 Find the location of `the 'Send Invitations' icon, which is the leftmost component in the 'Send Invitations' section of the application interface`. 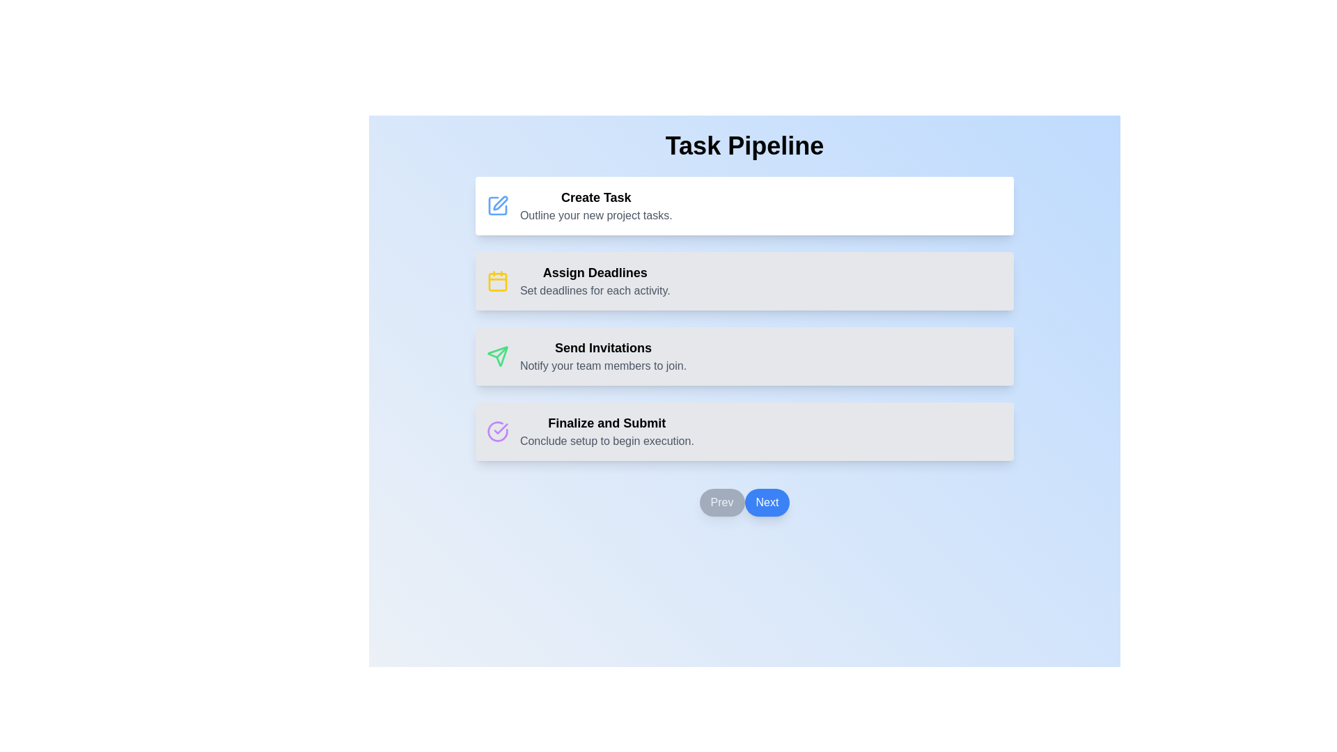

the 'Send Invitations' icon, which is the leftmost component in the 'Send Invitations' section of the application interface is located at coordinates (497, 356).